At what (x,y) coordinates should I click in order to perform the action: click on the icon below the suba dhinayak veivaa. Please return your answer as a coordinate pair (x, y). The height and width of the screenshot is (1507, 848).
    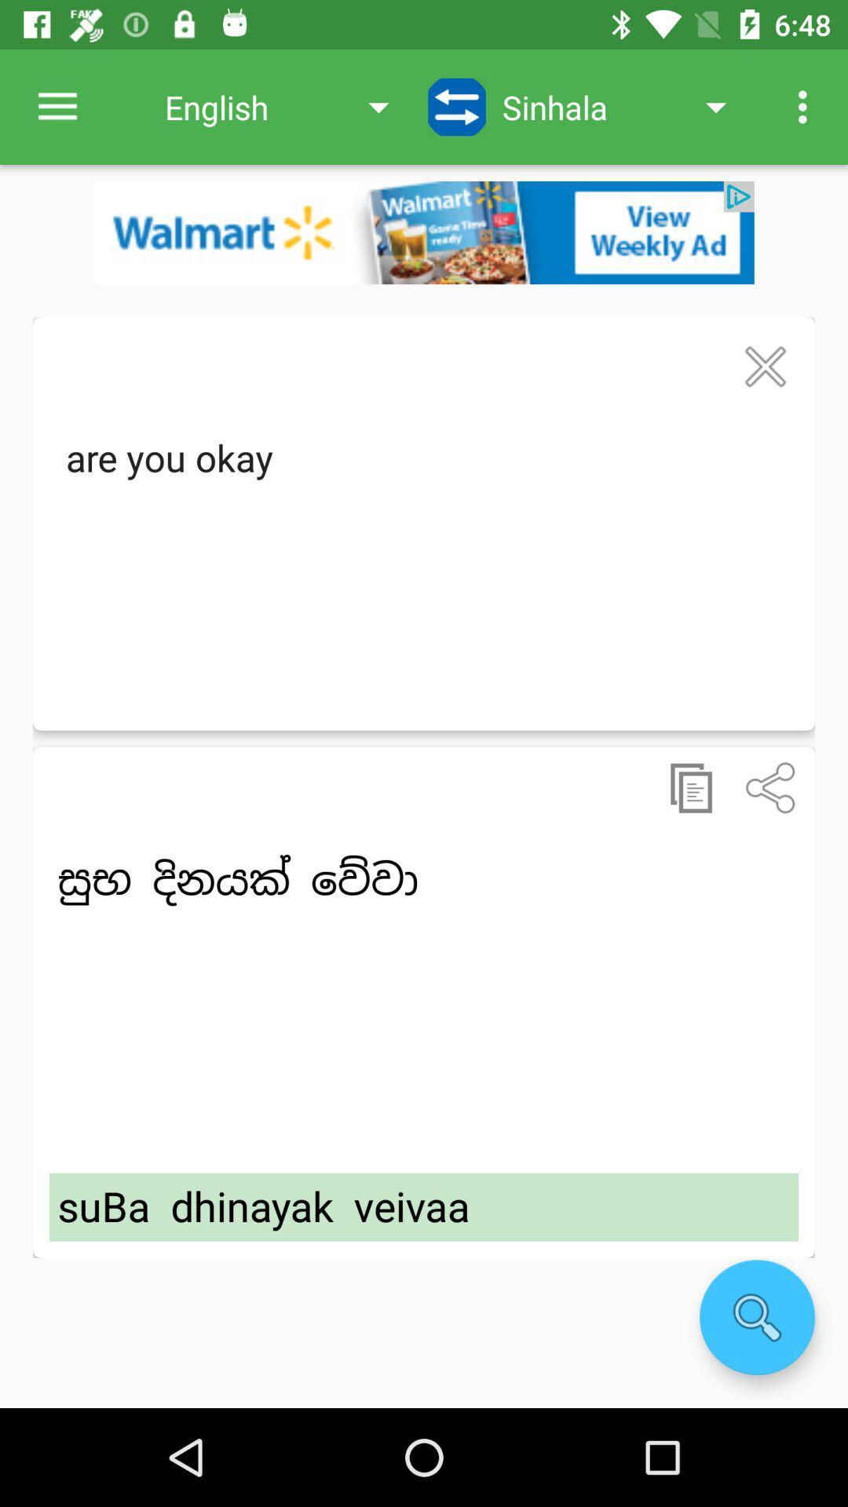
    Looking at the image, I should click on (756, 1317).